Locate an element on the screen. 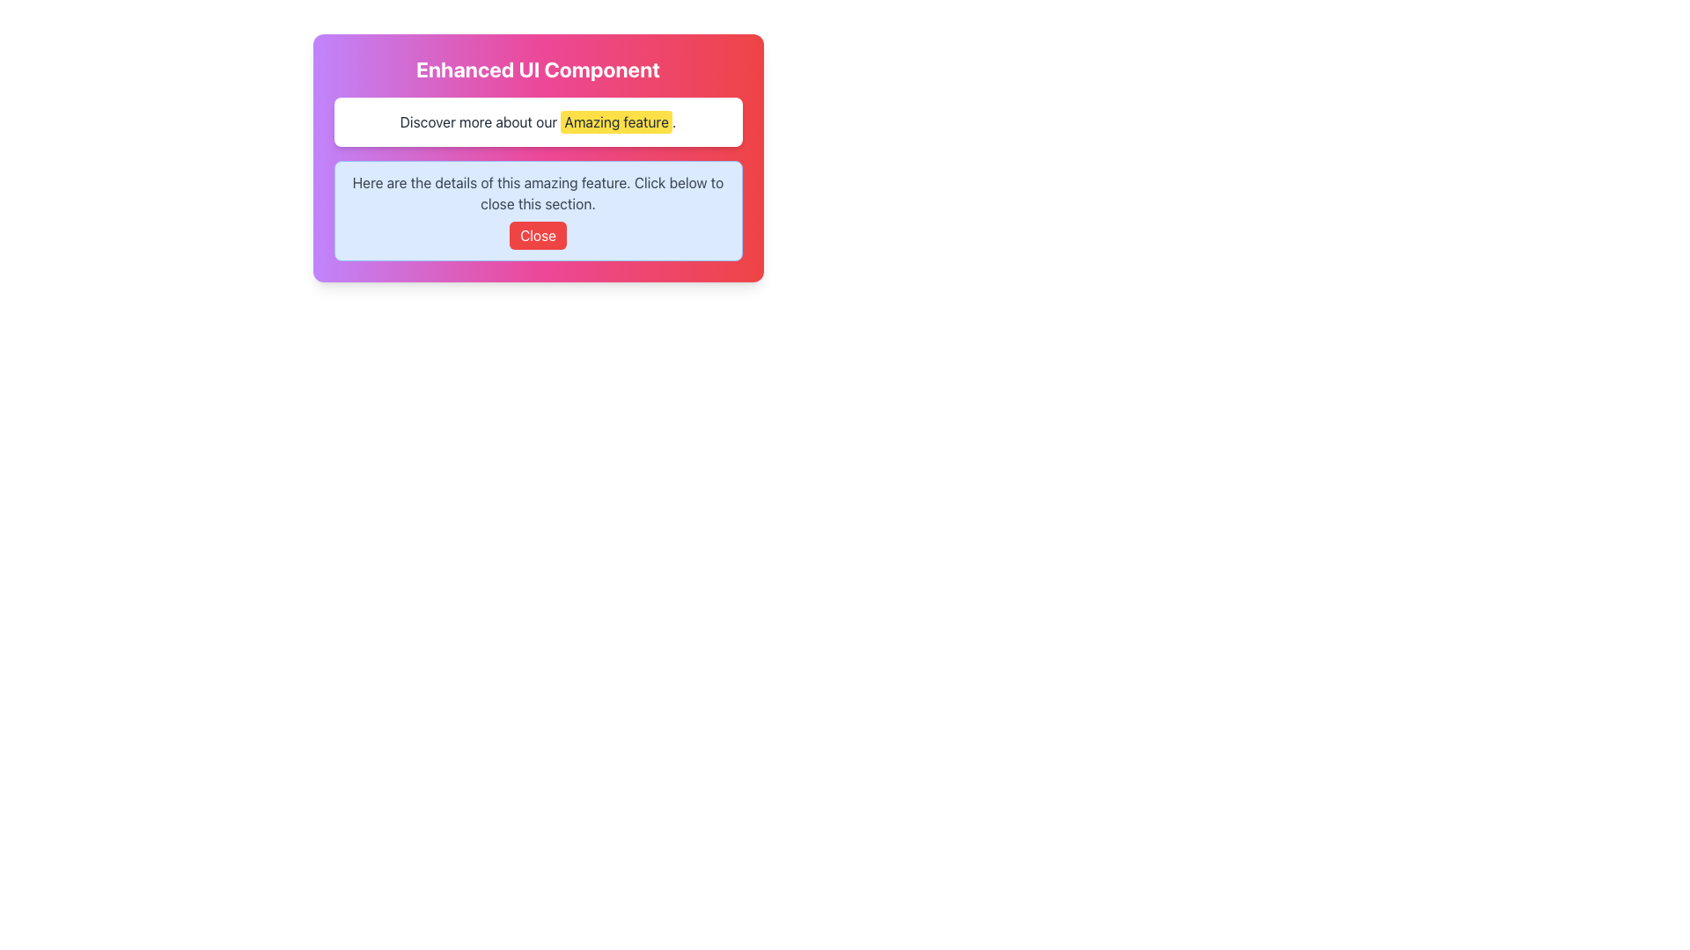  the text highlight that emphasizes the words 'Amazing feature' within the sentence 'Discover more about our Amazing feature.' is located at coordinates (616, 121).